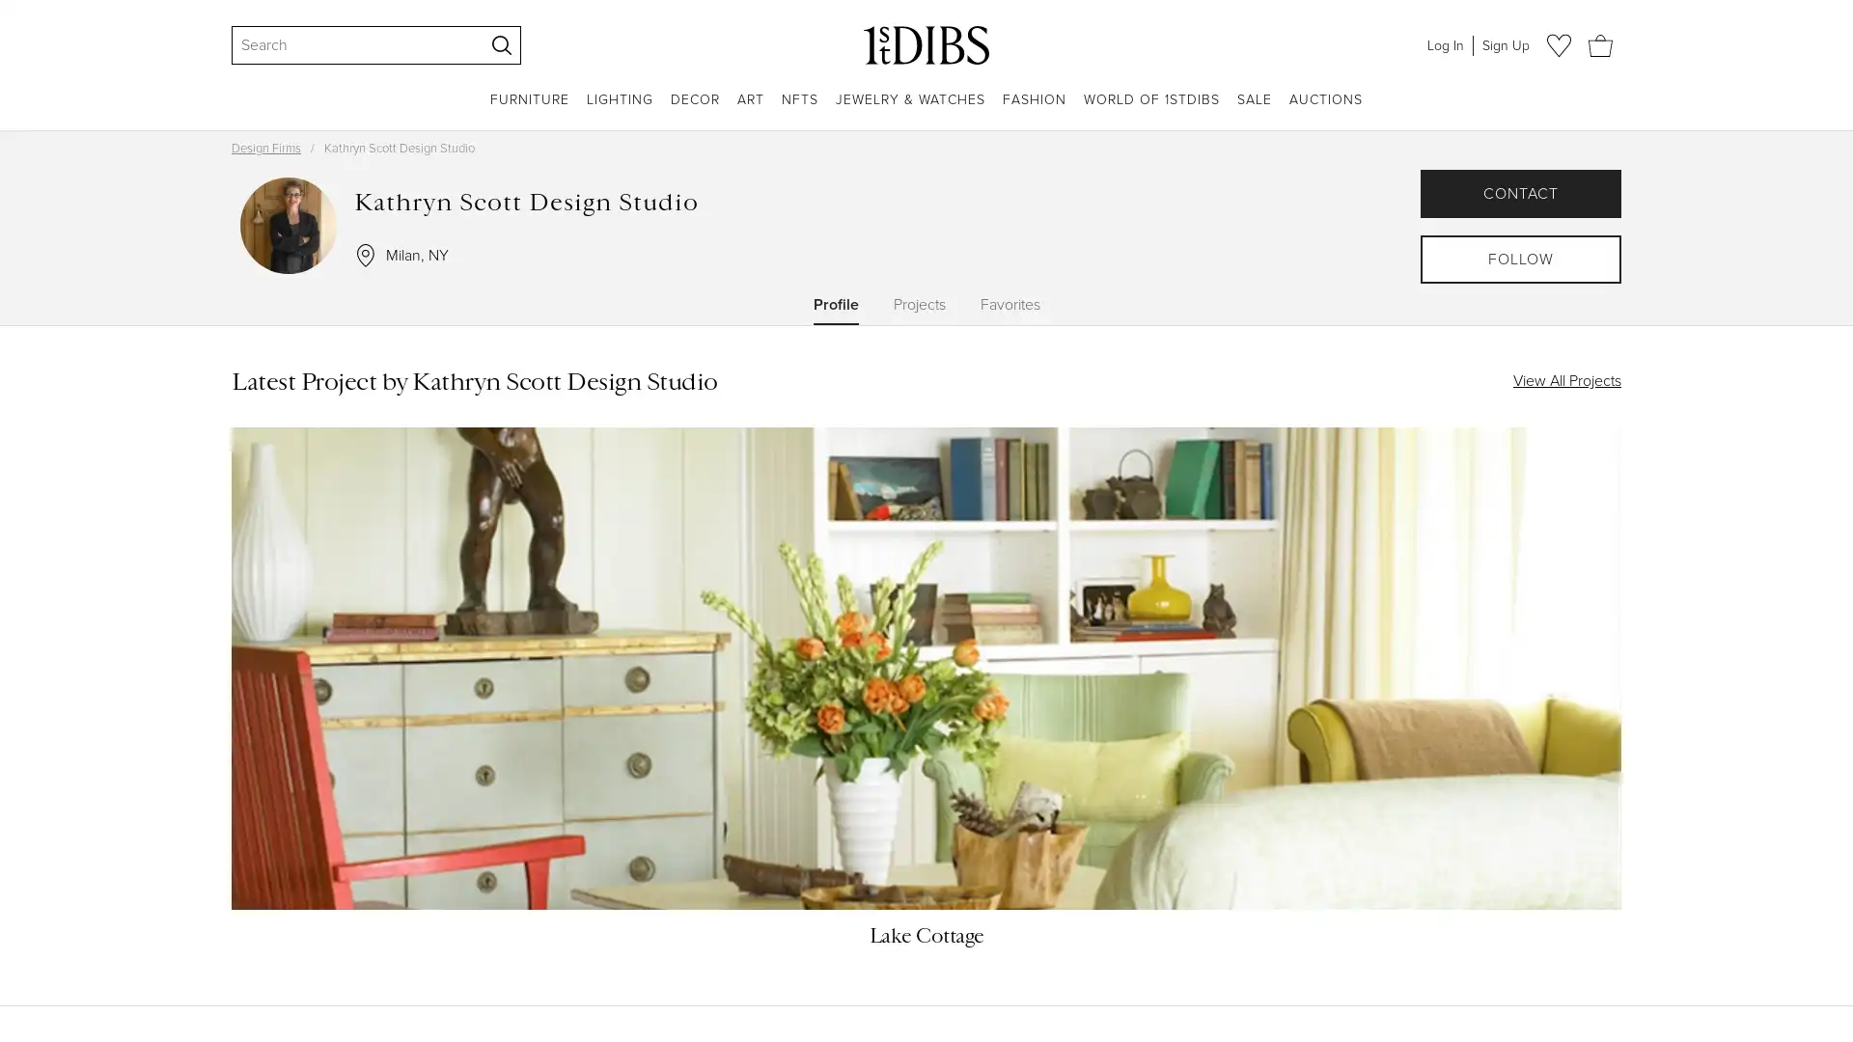  What do you see at coordinates (501, 43) in the screenshot?
I see `Search` at bounding box center [501, 43].